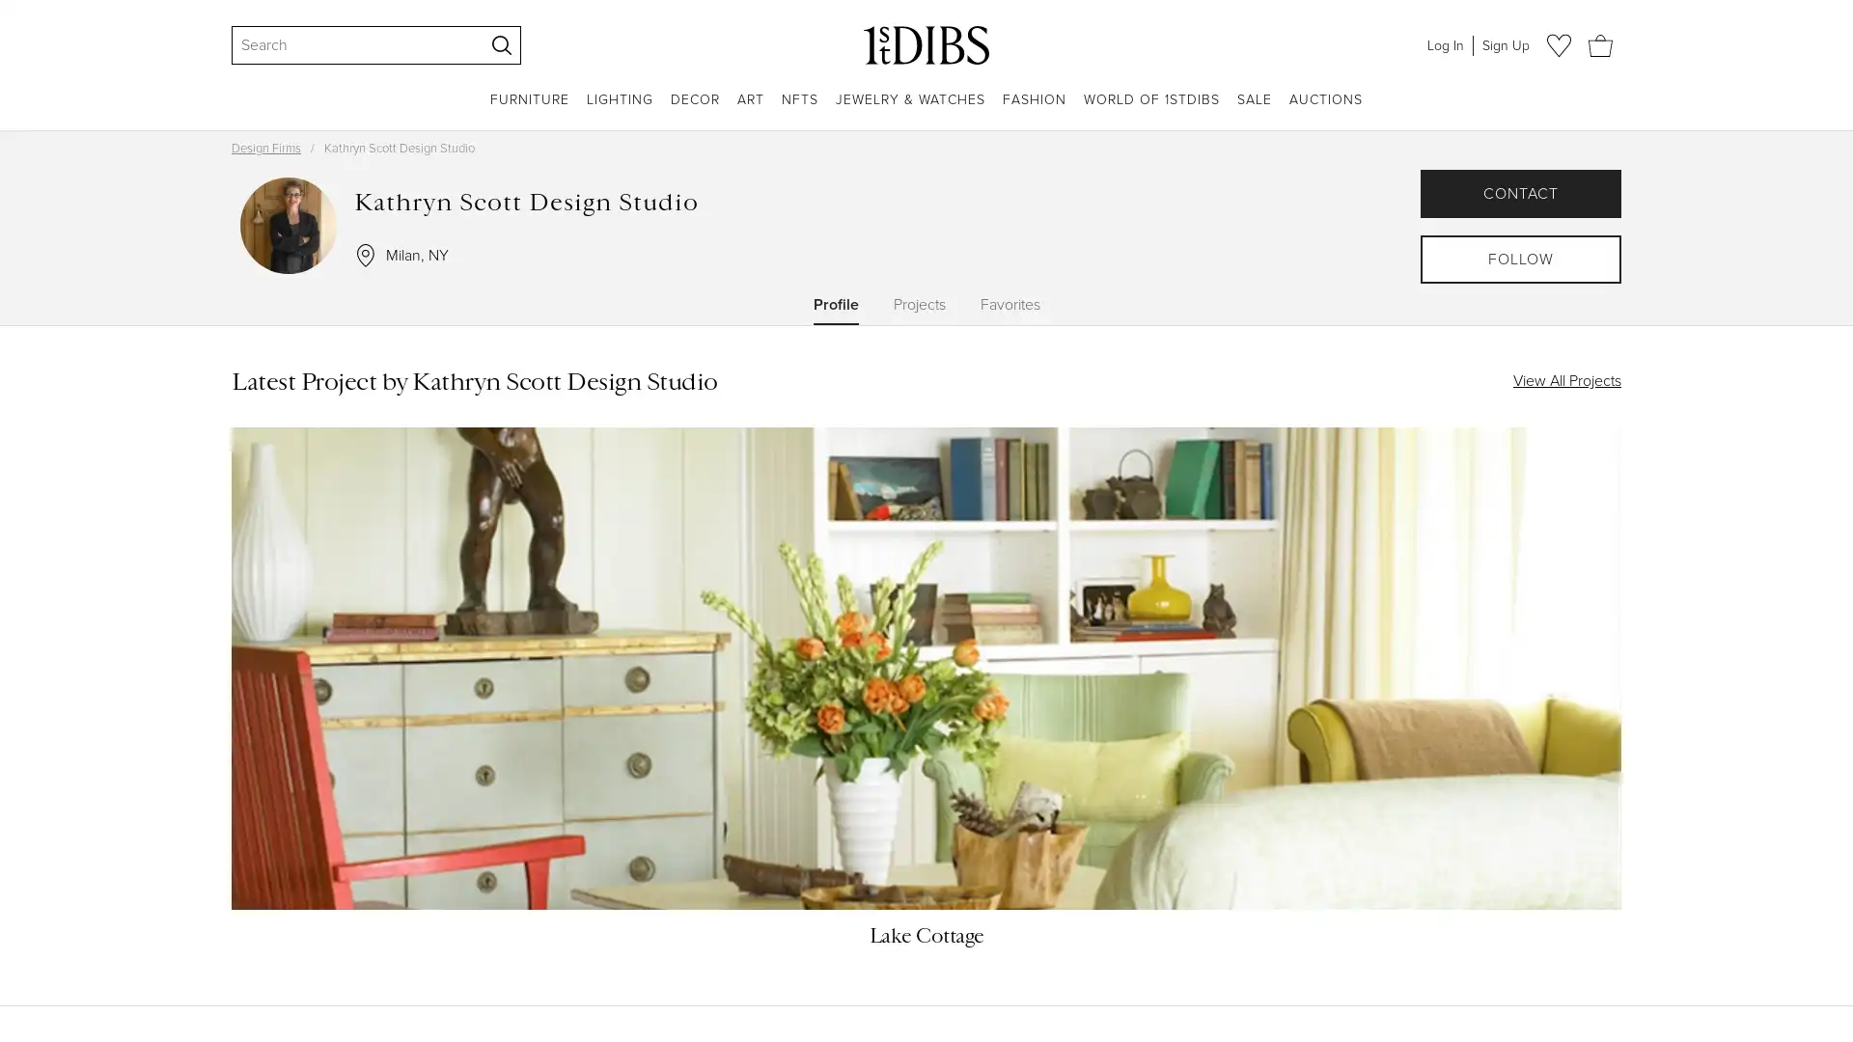  What do you see at coordinates (501, 43) in the screenshot?
I see `Search` at bounding box center [501, 43].